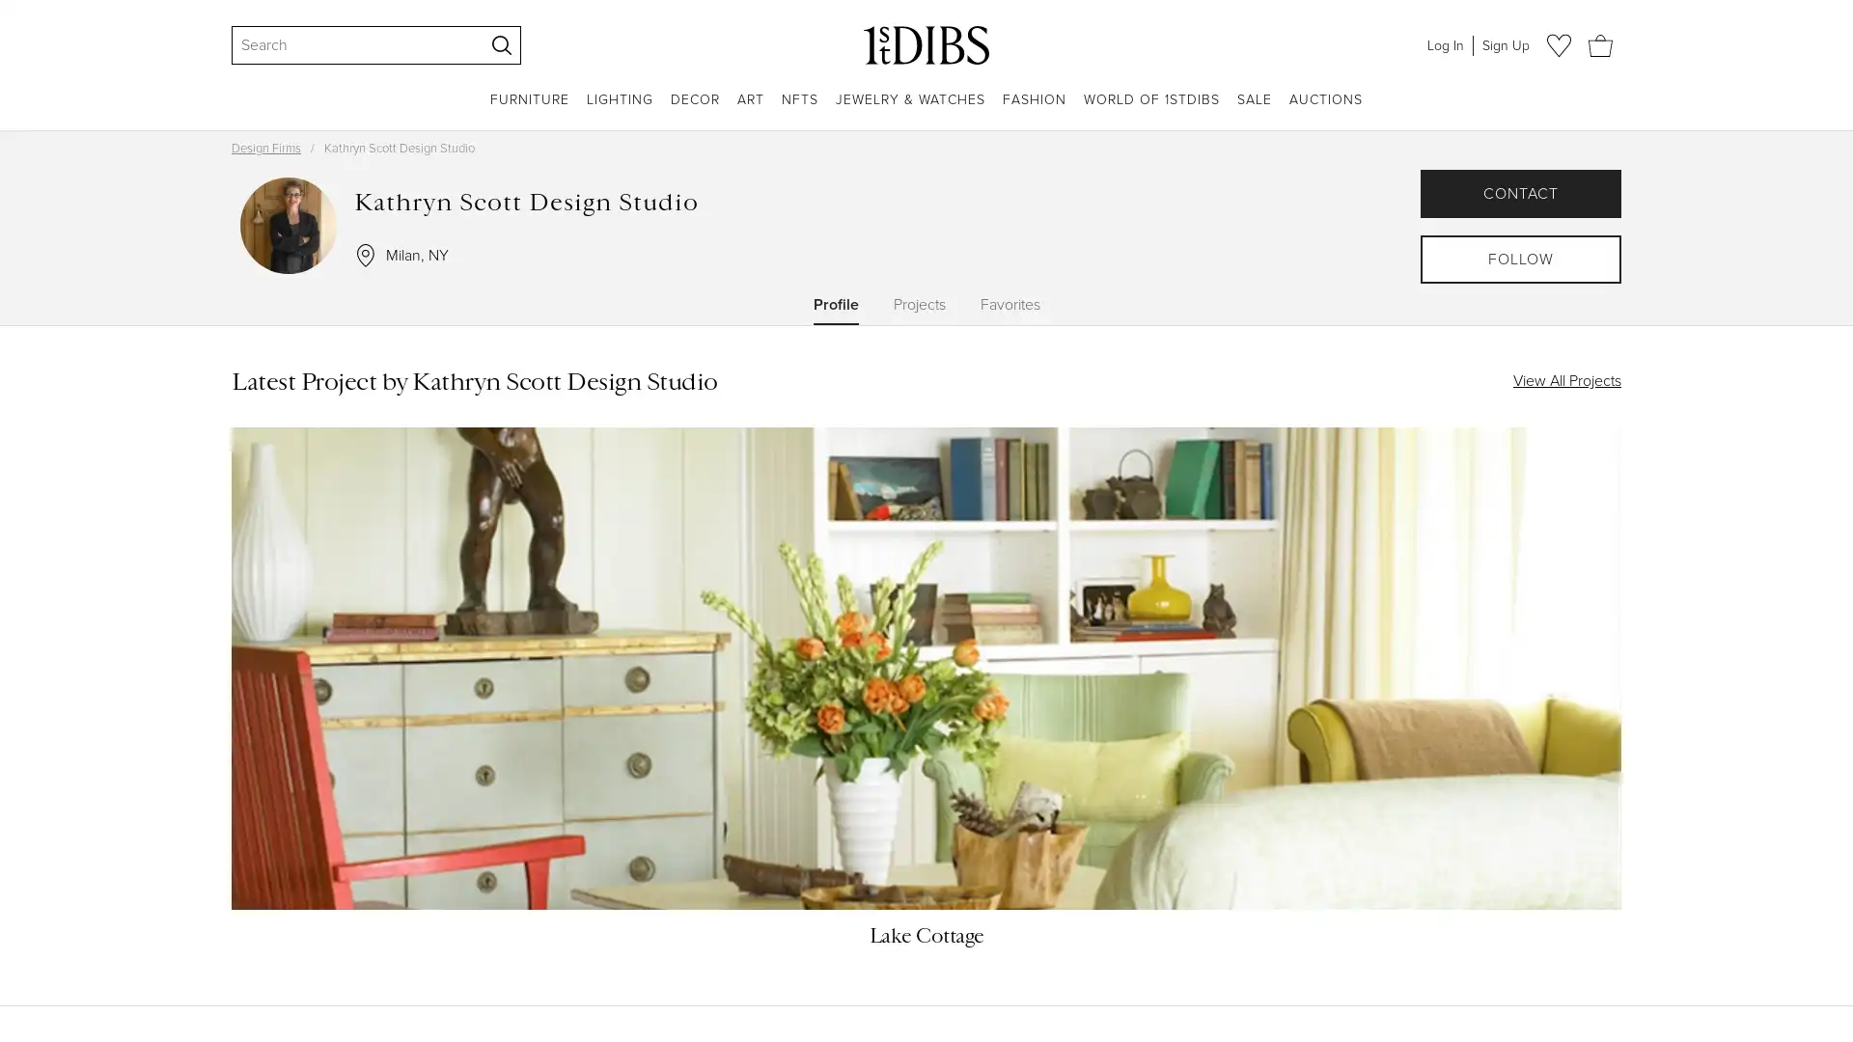  What do you see at coordinates (501, 43) in the screenshot?
I see `Search` at bounding box center [501, 43].